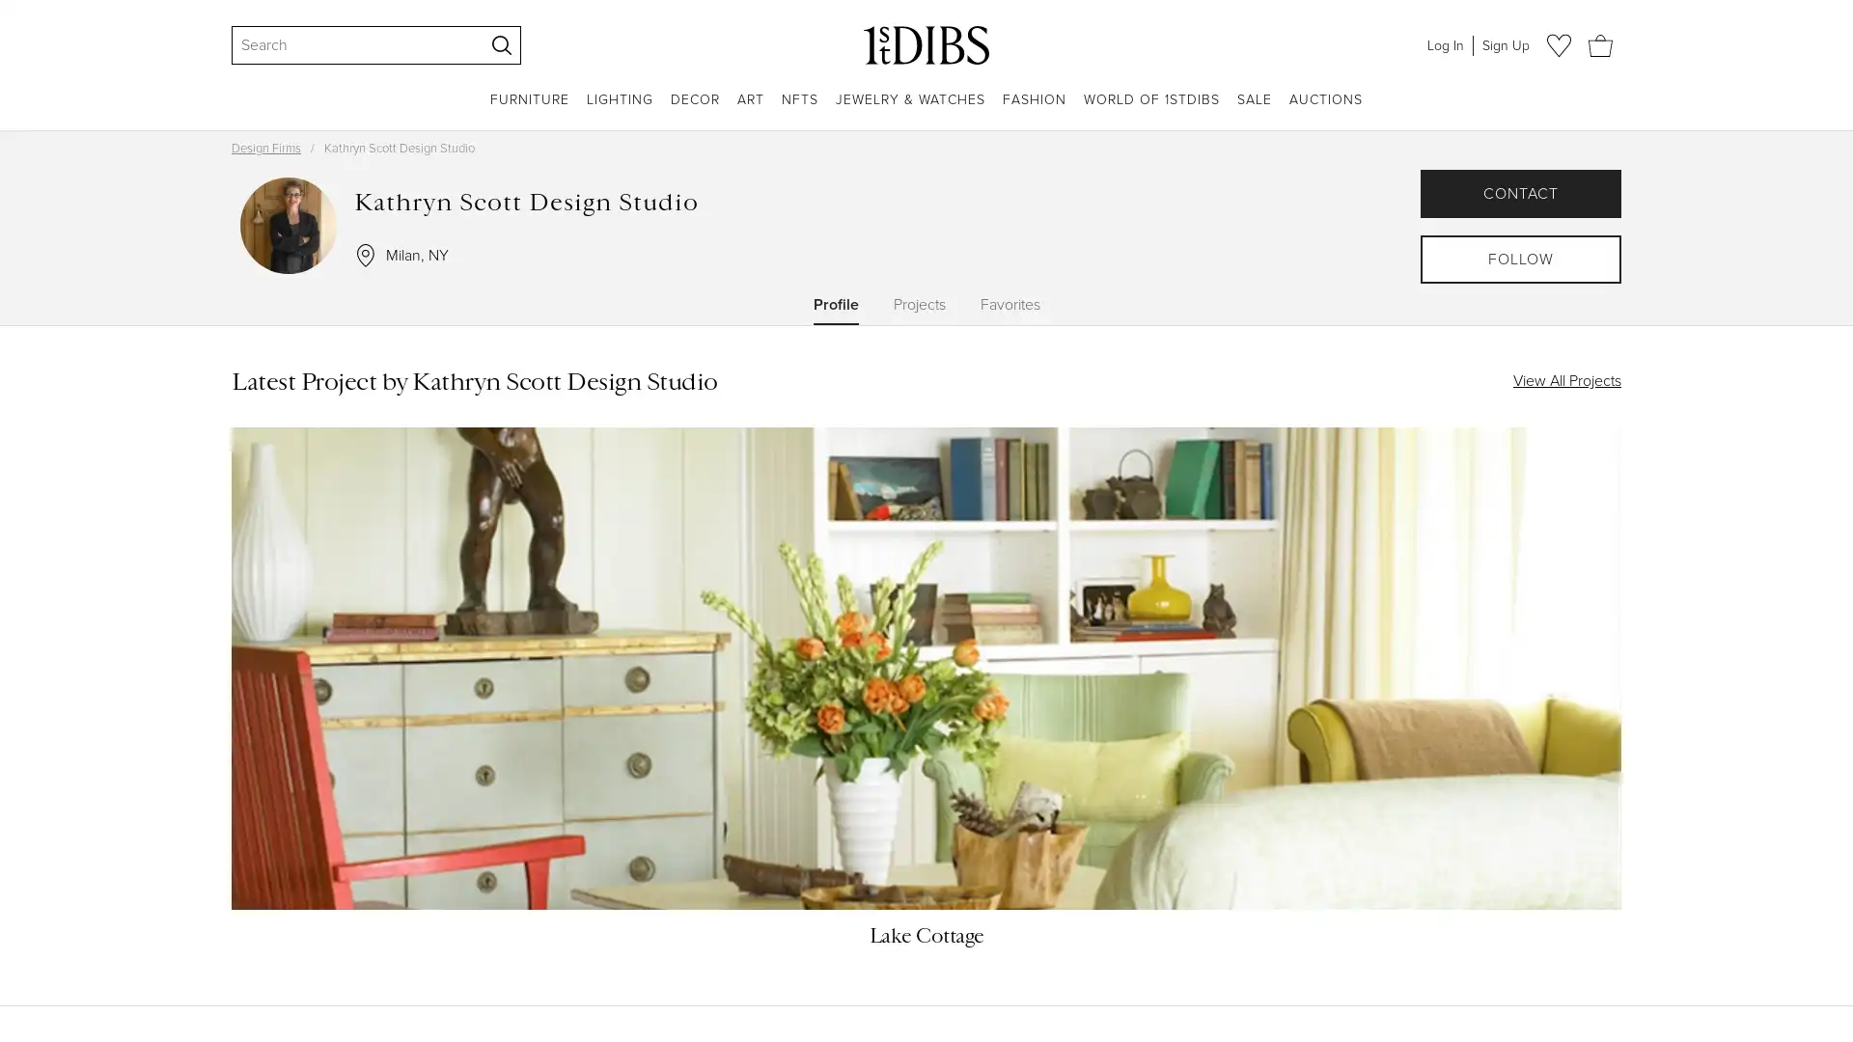  What do you see at coordinates (501, 43) in the screenshot?
I see `Search` at bounding box center [501, 43].